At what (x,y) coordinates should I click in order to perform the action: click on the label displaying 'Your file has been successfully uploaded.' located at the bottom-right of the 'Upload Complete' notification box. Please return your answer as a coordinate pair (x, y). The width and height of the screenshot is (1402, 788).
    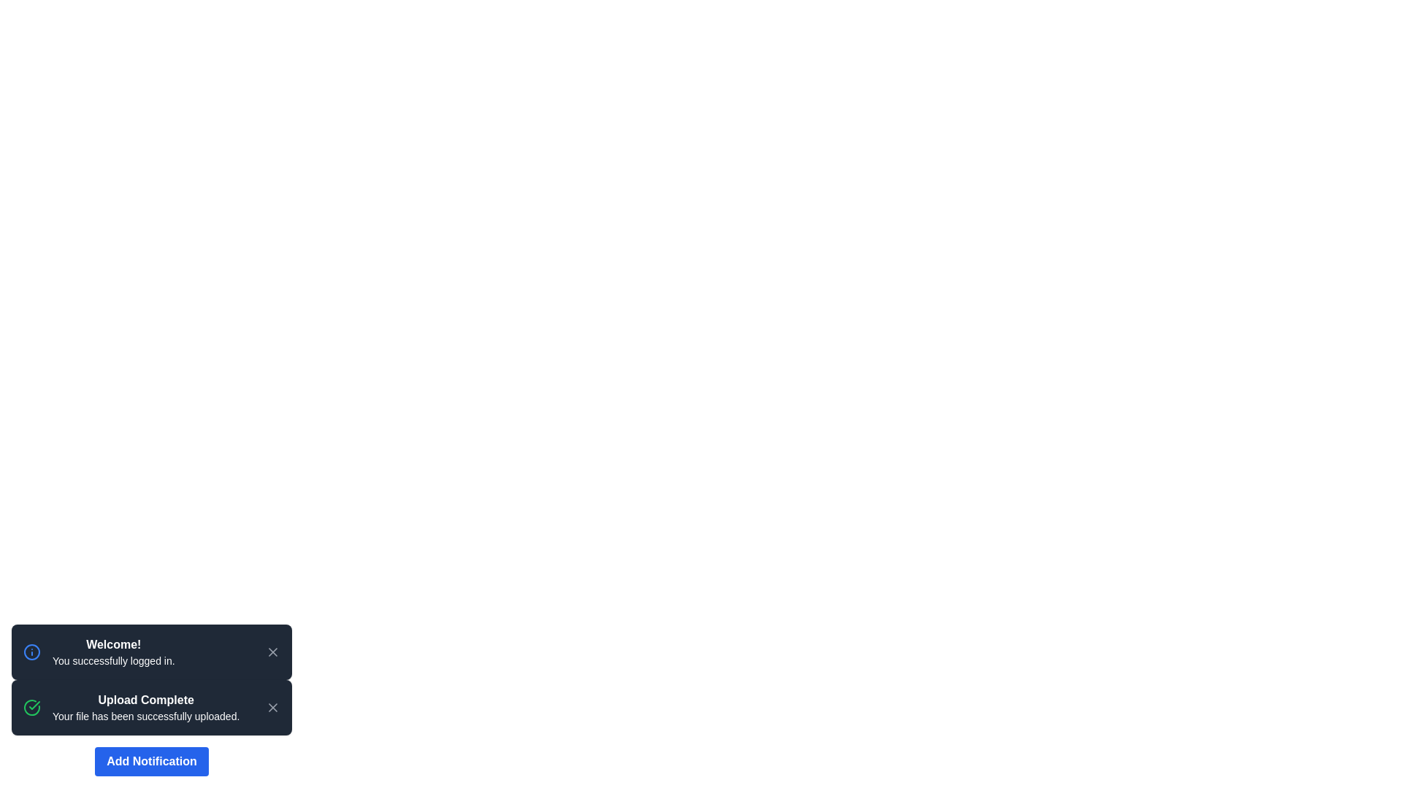
    Looking at the image, I should click on (146, 716).